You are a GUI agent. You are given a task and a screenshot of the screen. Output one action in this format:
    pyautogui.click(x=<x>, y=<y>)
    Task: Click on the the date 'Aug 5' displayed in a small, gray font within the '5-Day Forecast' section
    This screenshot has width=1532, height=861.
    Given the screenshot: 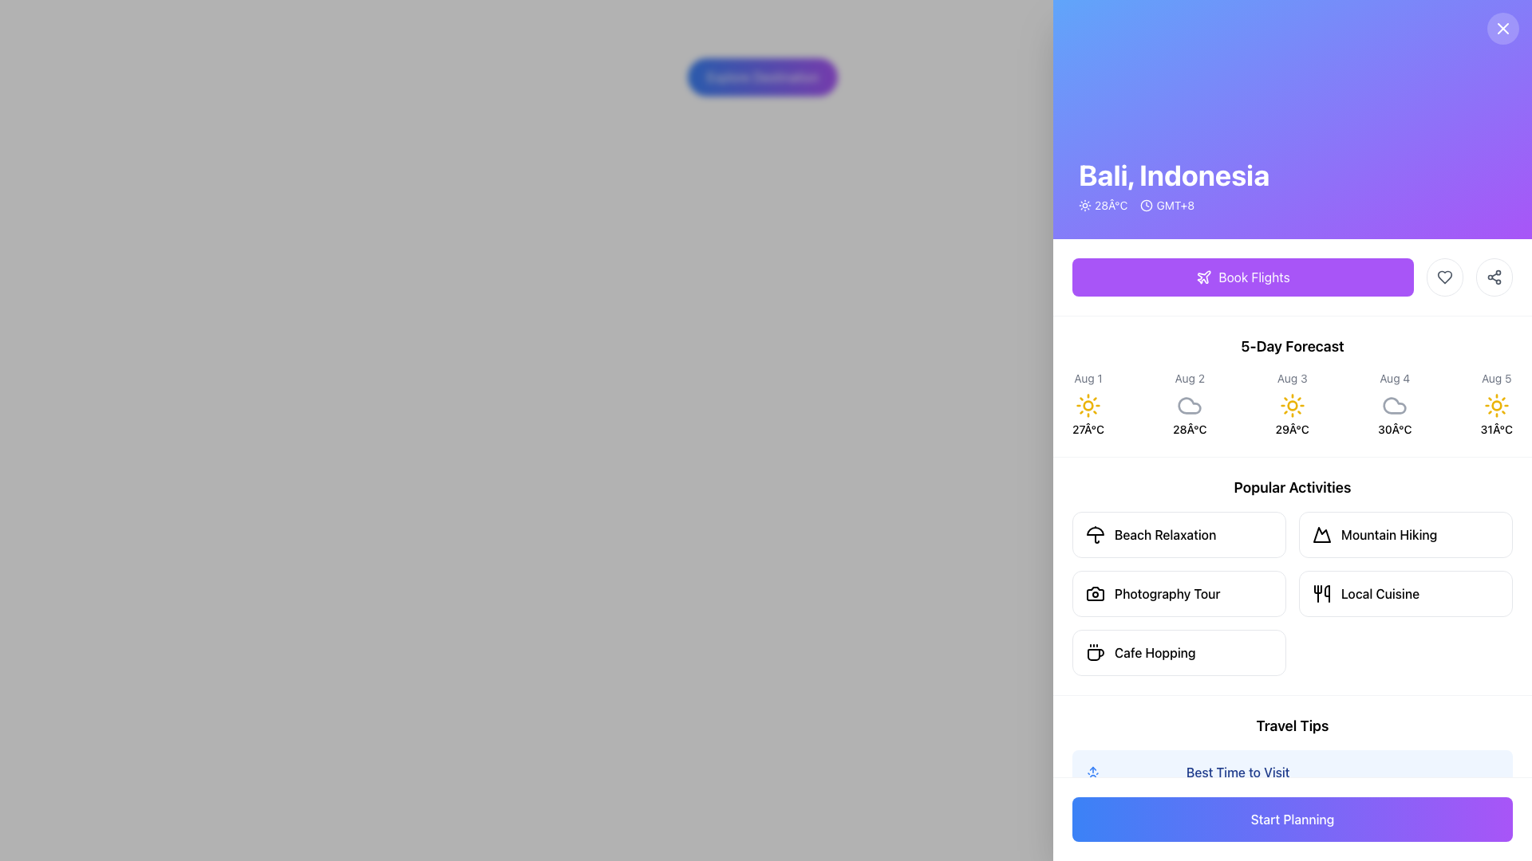 What is the action you would take?
    pyautogui.click(x=1495, y=378)
    